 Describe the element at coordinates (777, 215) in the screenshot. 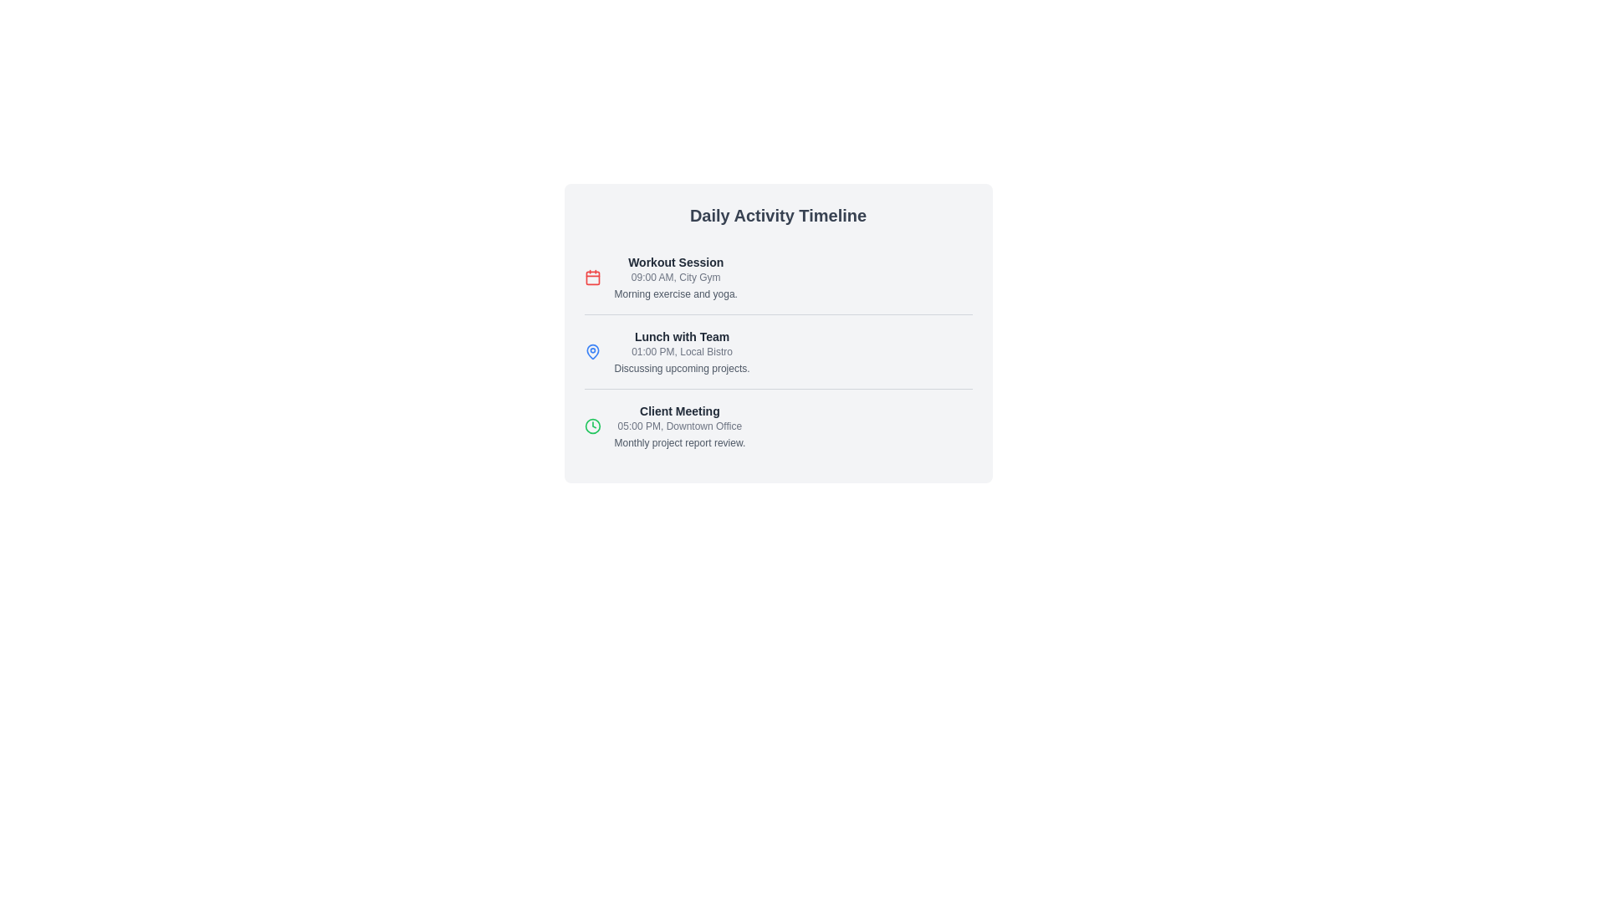

I see `title text located at the top section of the rectangular card with rounded corners, which provides an overview for the activities listed below` at that location.